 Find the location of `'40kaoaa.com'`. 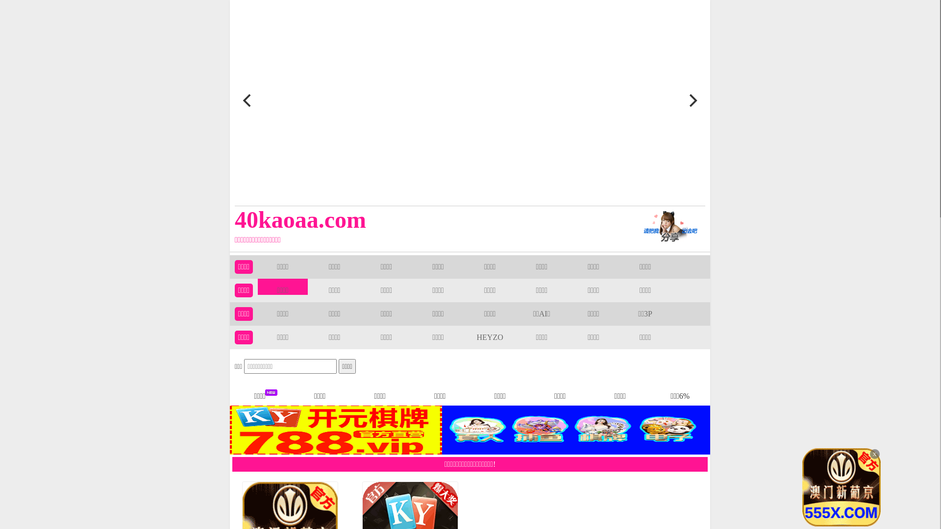

'40kaoaa.com' is located at coordinates (423, 219).